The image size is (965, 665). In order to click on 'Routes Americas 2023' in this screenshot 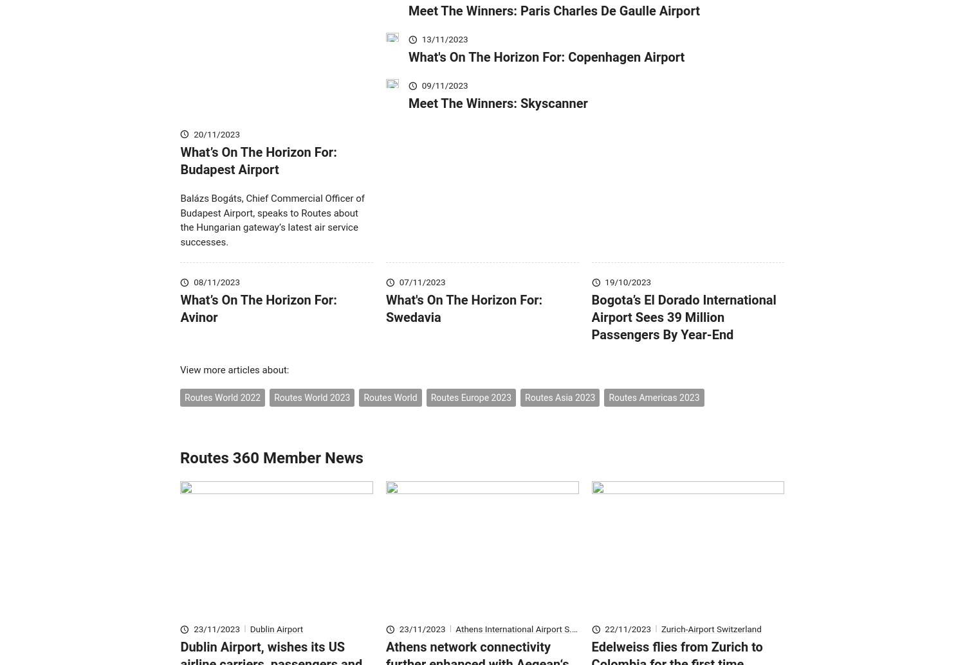, I will do `click(654, 416)`.